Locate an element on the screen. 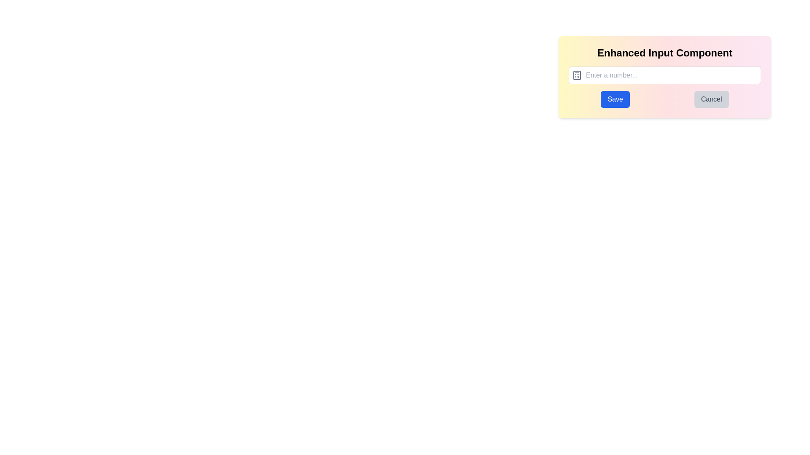 The width and height of the screenshot is (810, 455). the numeric input field located below the 'Enhanced Input Component' headline and above the 'Save' and 'Cancel' buttons to bring up a context menu if available is located at coordinates (664, 75).